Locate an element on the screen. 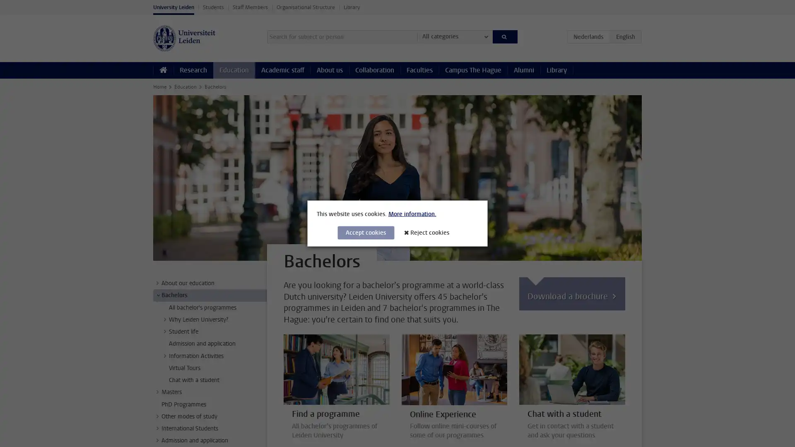 The image size is (795, 447). > is located at coordinates (165, 319).